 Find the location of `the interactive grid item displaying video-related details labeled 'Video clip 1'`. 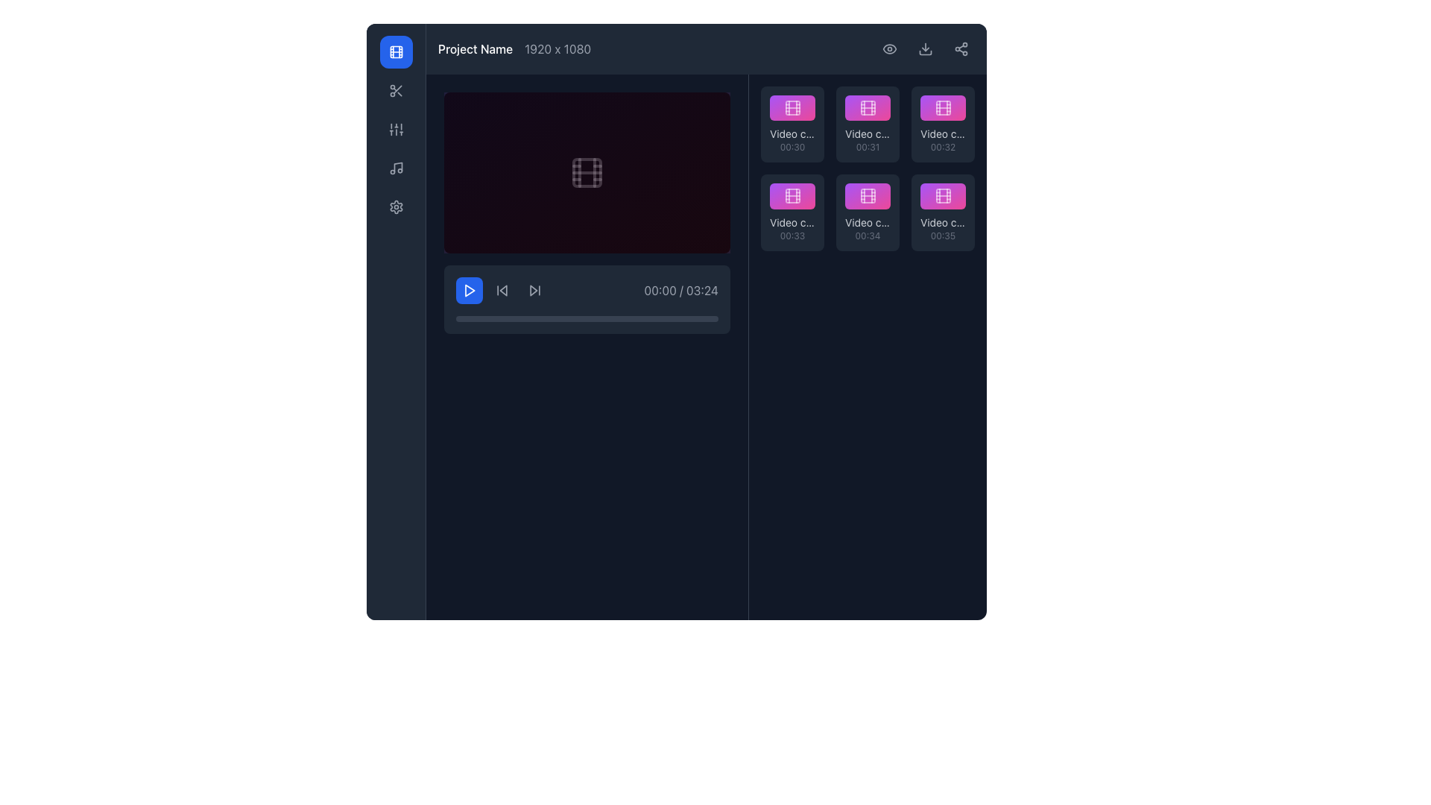

the interactive grid item displaying video-related details labeled 'Video clip 1' is located at coordinates (792, 124).